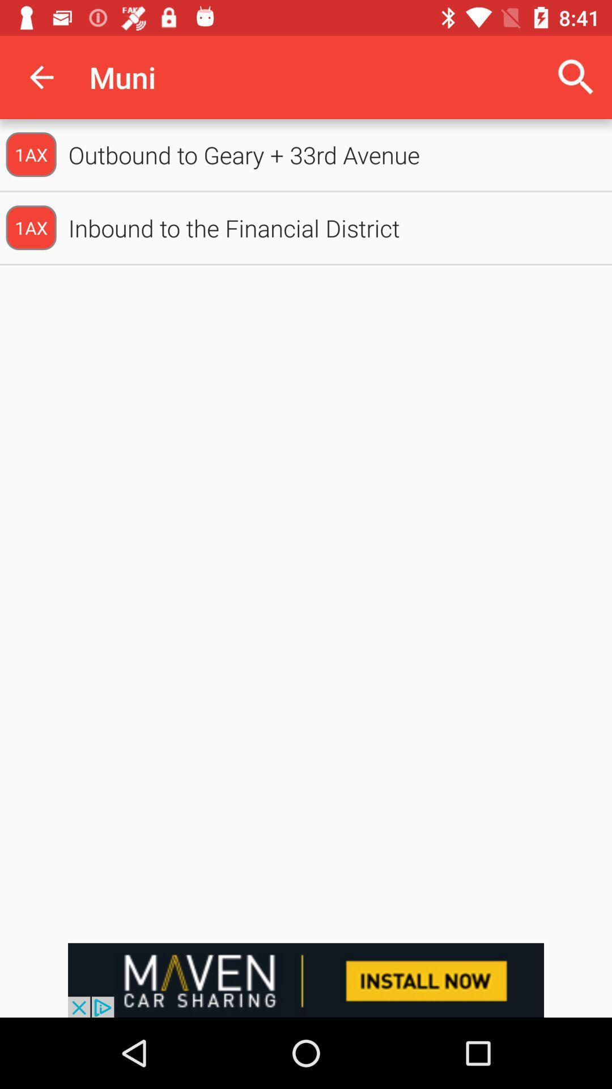 Image resolution: width=612 pixels, height=1089 pixels. What do you see at coordinates (306, 980) in the screenshot?
I see `advertisement page` at bounding box center [306, 980].